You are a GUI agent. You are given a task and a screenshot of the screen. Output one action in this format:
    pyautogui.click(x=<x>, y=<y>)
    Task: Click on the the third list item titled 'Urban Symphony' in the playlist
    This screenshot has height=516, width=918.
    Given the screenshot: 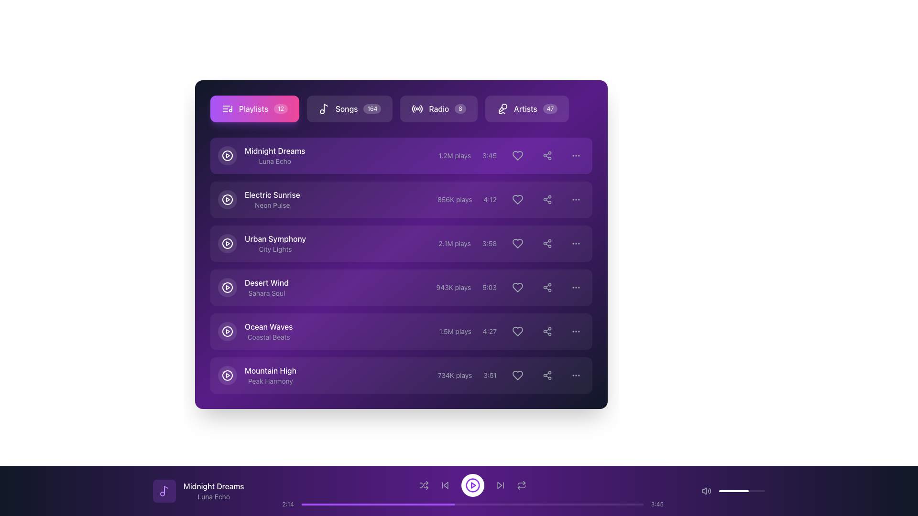 What is the action you would take?
    pyautogui.click(x=401, y=243)
    